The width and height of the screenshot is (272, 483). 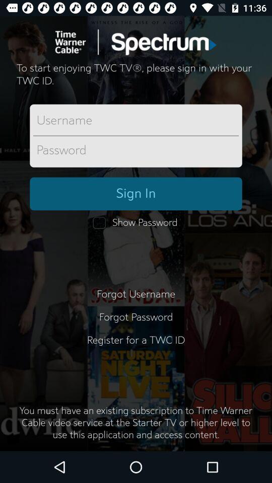 What do you see at coordinates (136, 150) in the screenshot?
I see `sign in with password` at bounding box center [136, 150].